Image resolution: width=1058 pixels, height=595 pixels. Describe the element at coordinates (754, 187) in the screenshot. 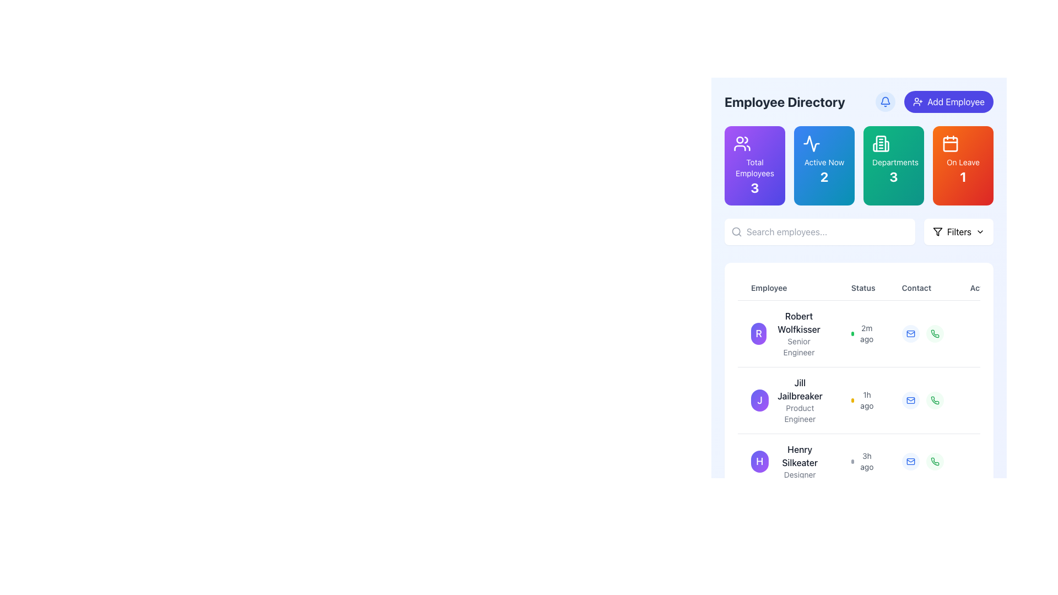

I see `the numerical label displaying the number '3' in bold text, located in the bottom section of the purple tile titled 'Total Employees'` at that location.